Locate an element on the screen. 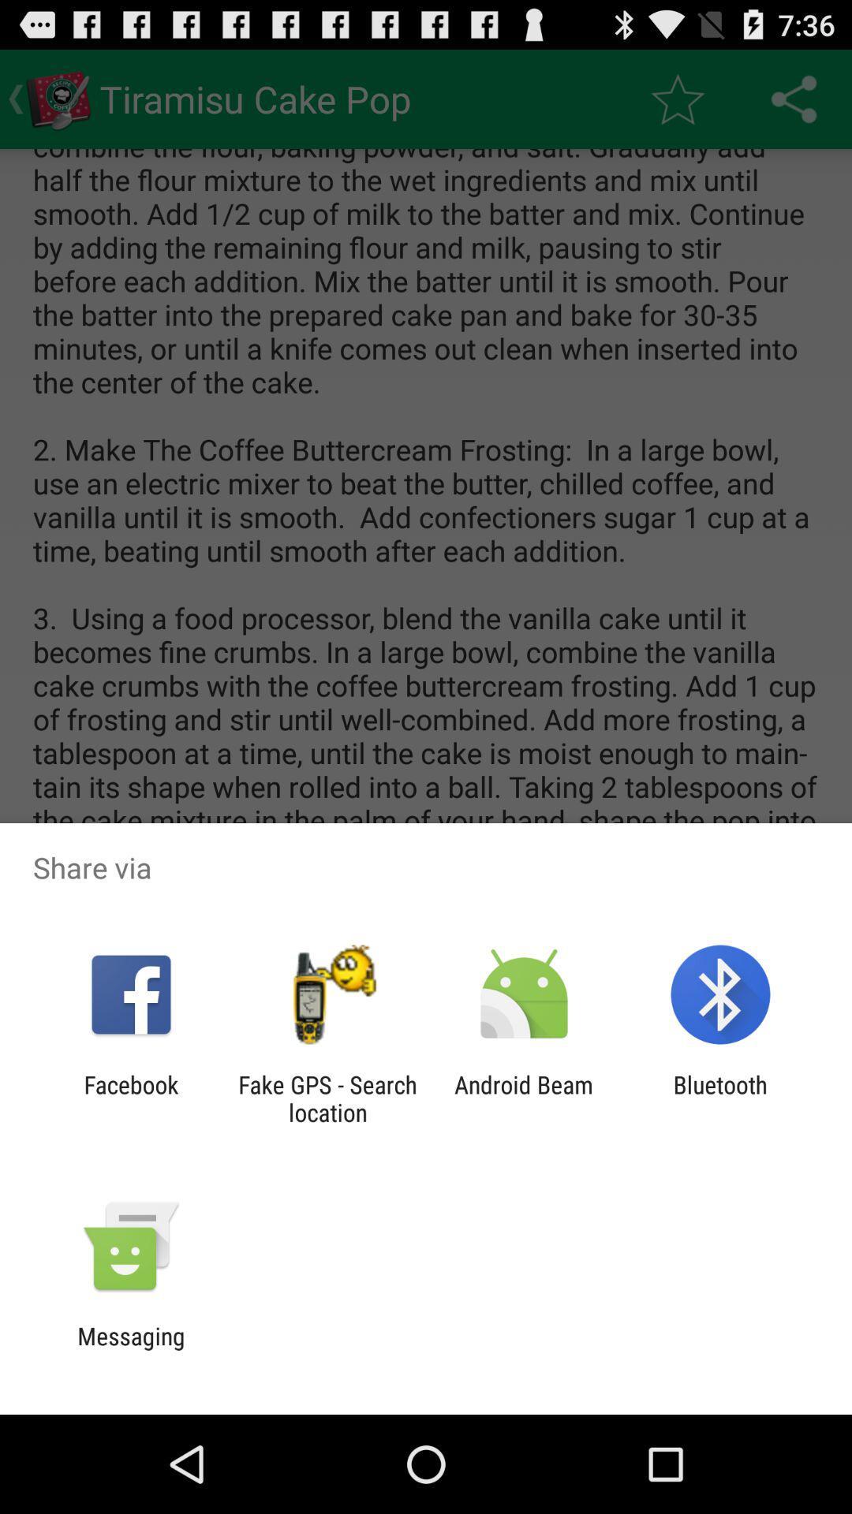  facebook icon is located at coordinates (130, 1098).